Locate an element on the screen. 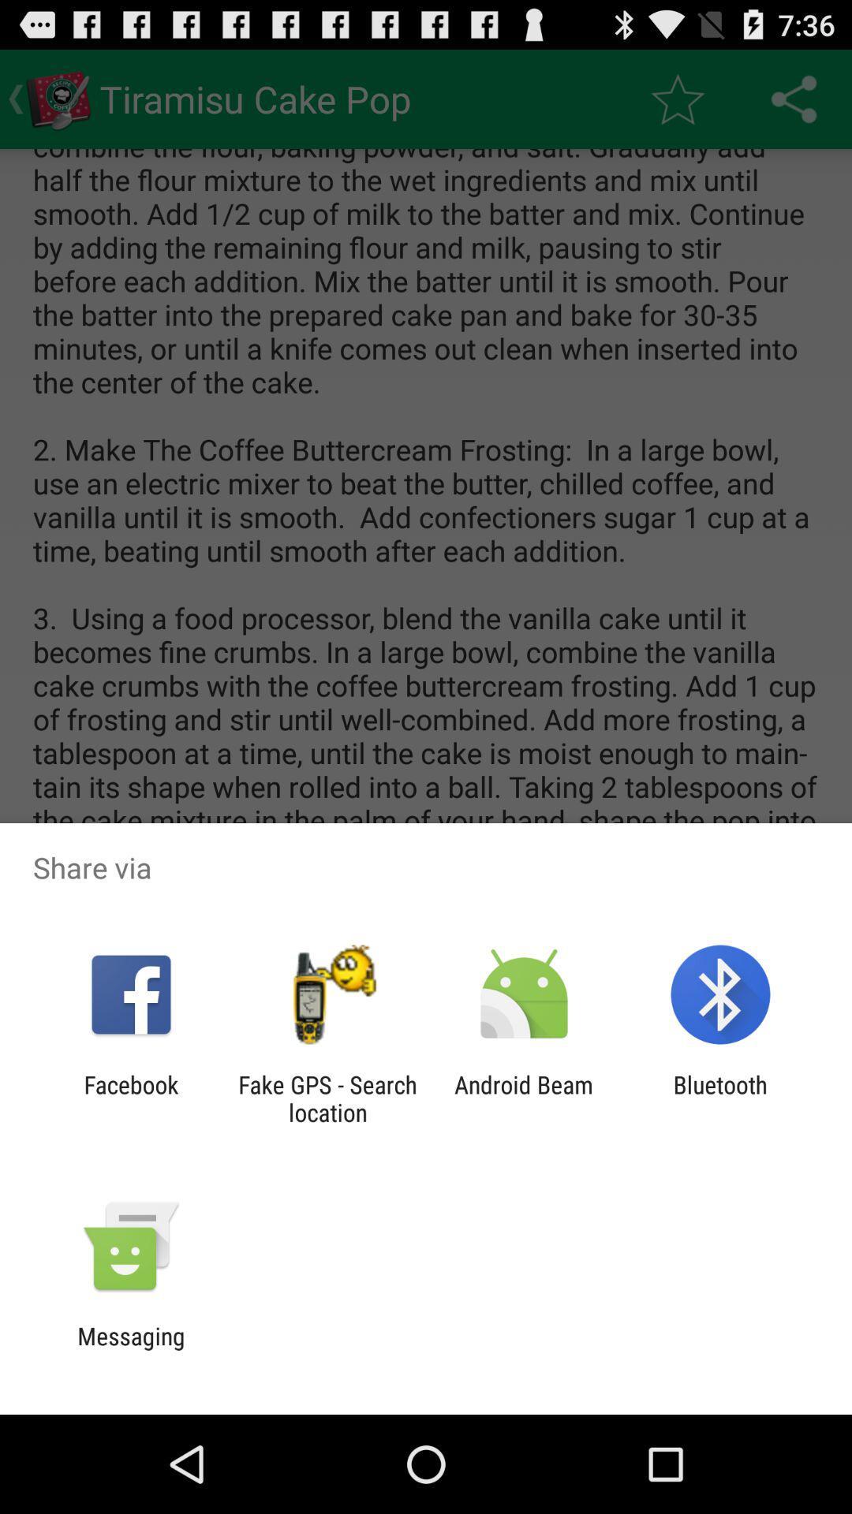  facebook icon is located at coordinates (130, 1098).